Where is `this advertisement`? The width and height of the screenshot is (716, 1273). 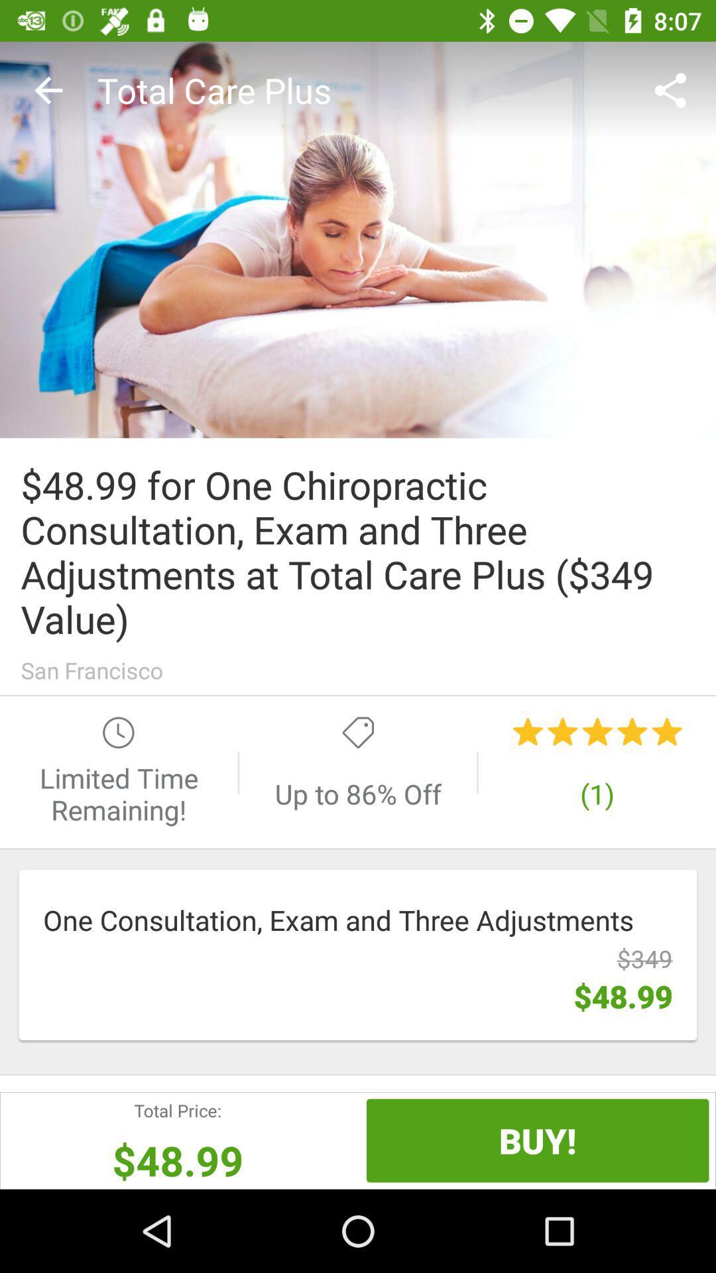 this advertisement is located at coordinates (358, 239).